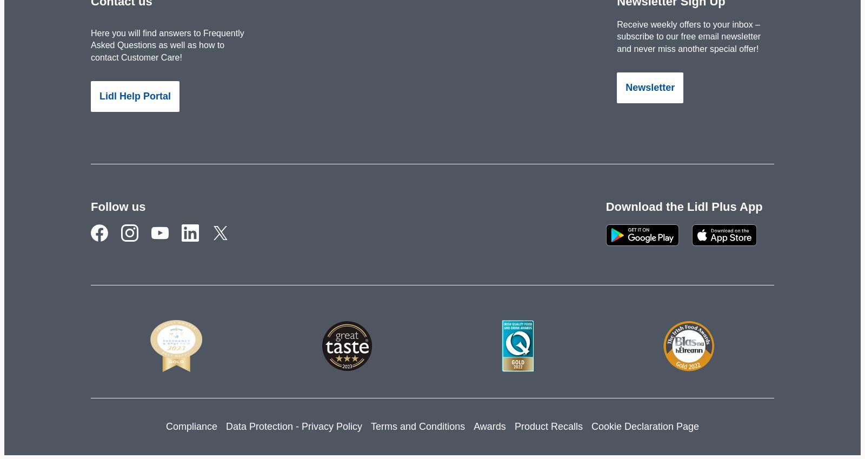 The width and height of the screenshot is (865, 459). What do you see at coordinates (293, 425) in the screenshot?
I see `'Data Protection - Privacy Policy'` at bounding box center [293, 425].